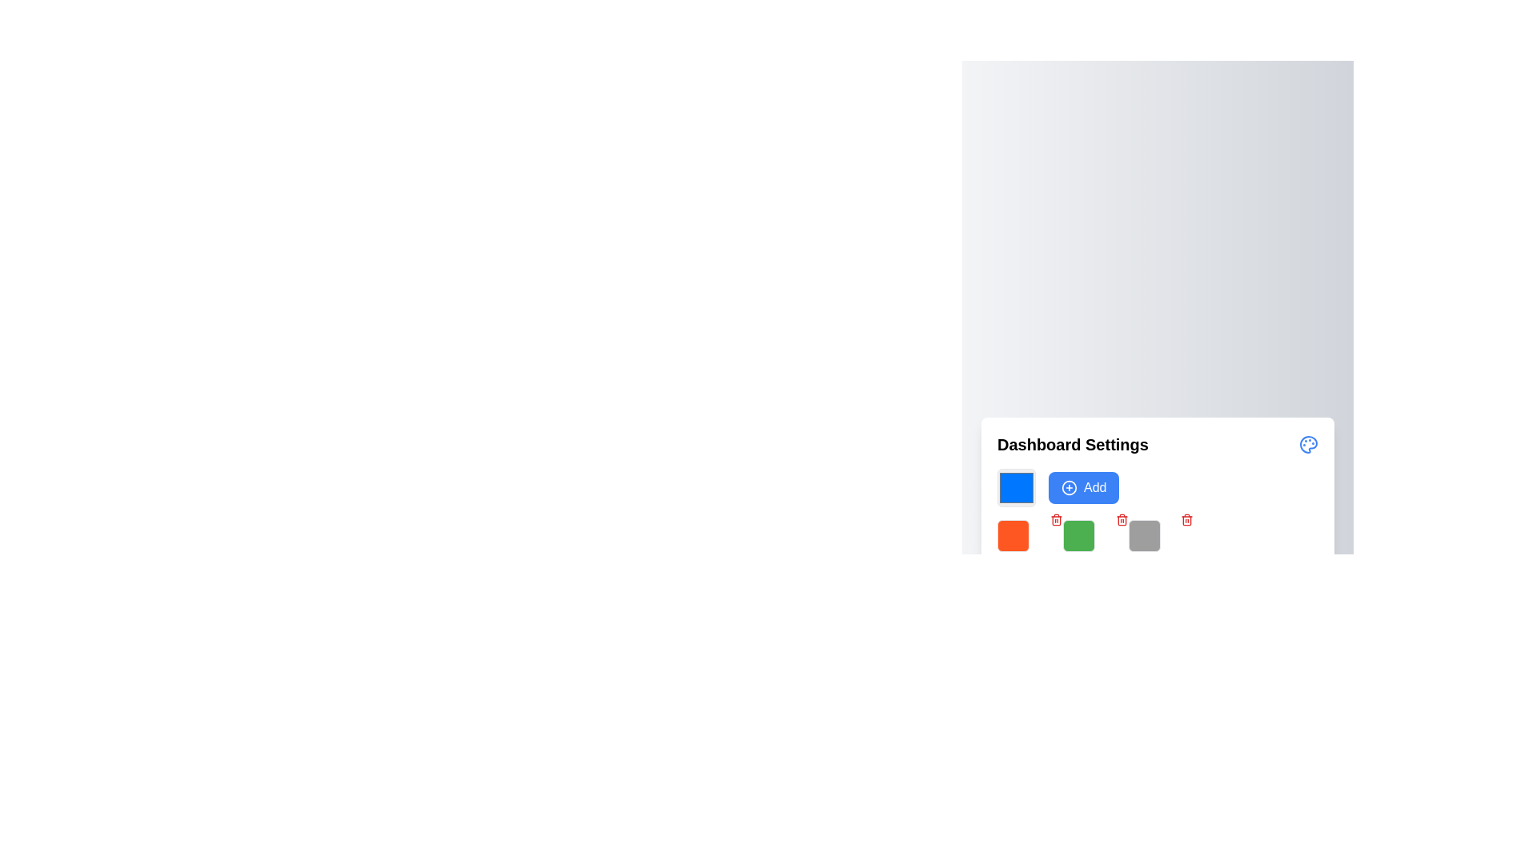 Image resolution: width=1537 pixels, height=864 pixels. What do you see at coordinates (1084, 486) in the screenshot?
I see `the button that allows users to add a new item` at bounding box center [1084, 486].